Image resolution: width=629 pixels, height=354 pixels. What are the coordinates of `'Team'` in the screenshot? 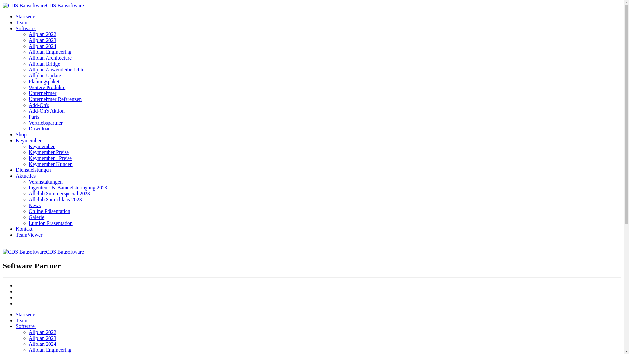 It's located at (21, 22).